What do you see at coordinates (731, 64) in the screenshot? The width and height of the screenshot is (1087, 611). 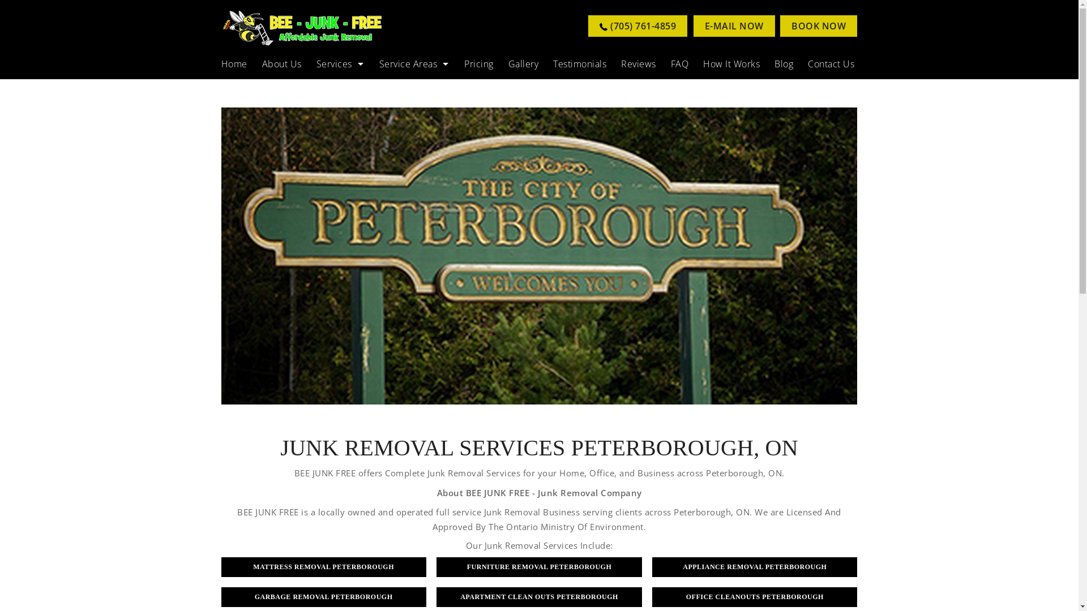 I see `'How It Works'` at bounding box center [731, 64].